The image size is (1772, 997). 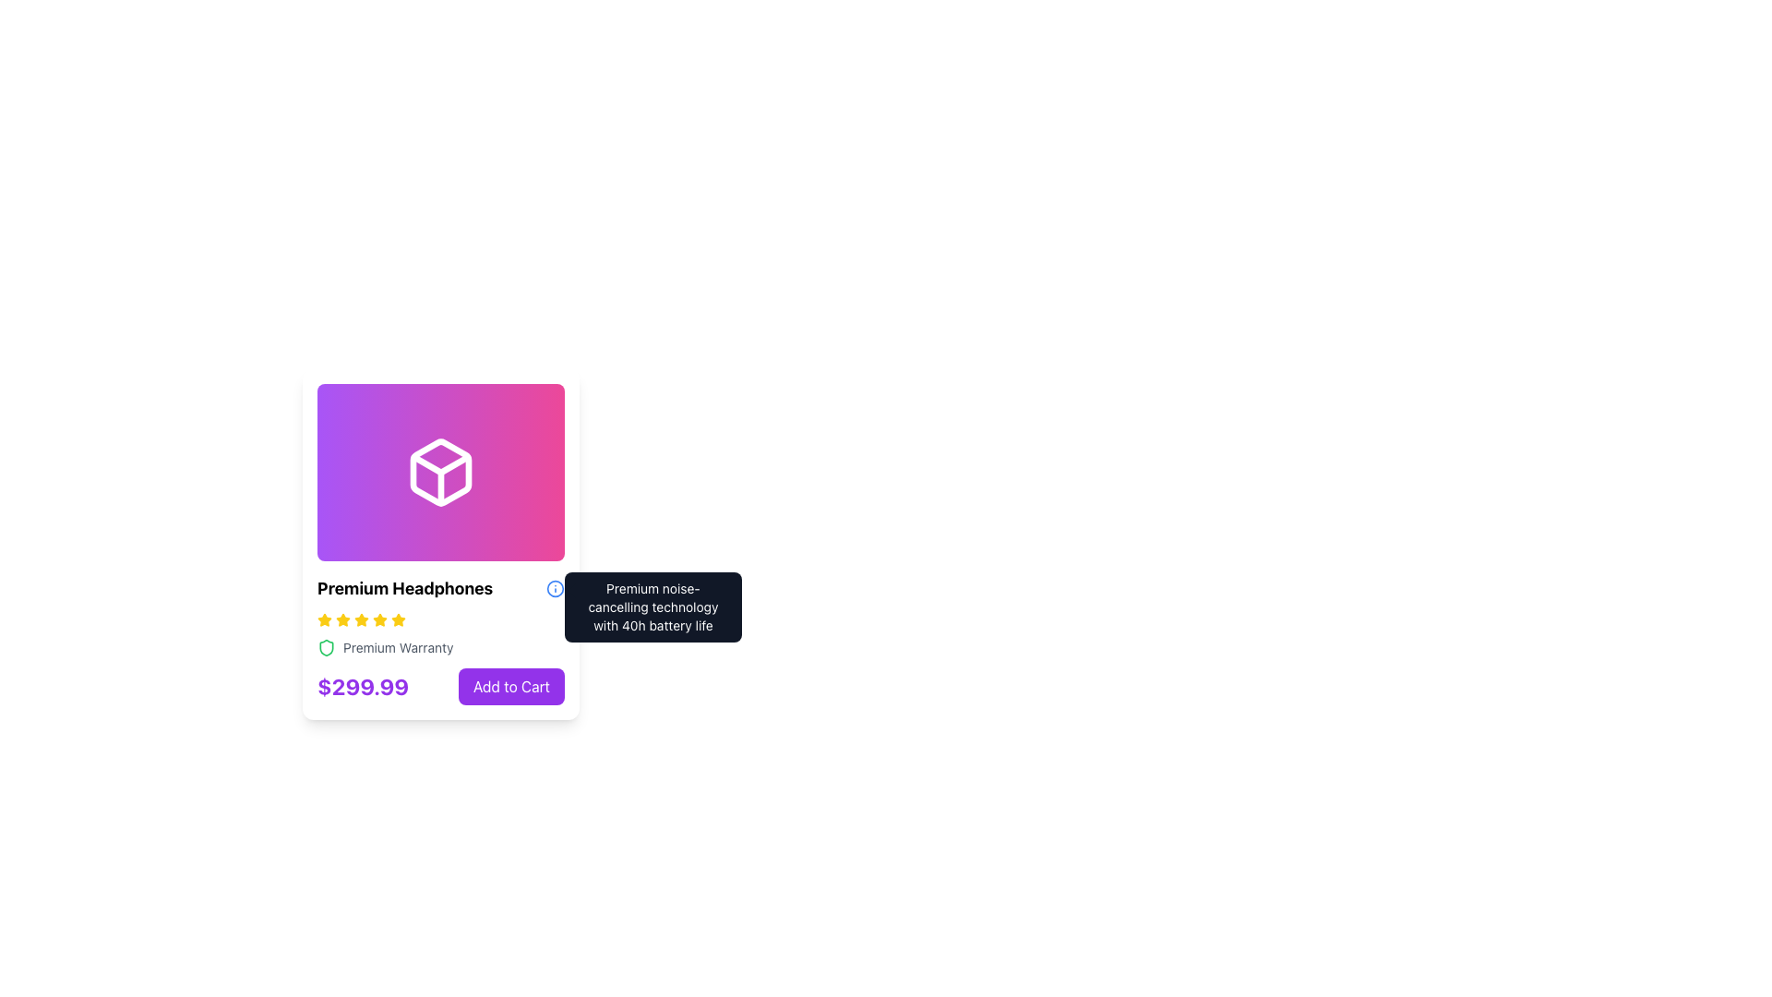 What do you see at coordinates (327, 647) in the screenshot?
I see `the small green shield icon located next to the text 'Premium Warranty', which is beneath the star rating for the item` at bounding box center [327, 647].